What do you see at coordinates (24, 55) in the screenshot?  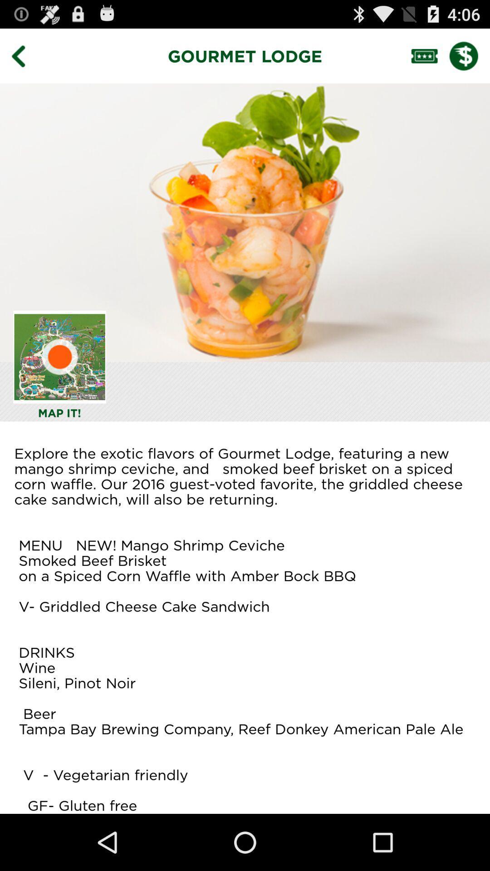 I see `the item next to the gourmet lodge item` at bounding box center [24, 55].